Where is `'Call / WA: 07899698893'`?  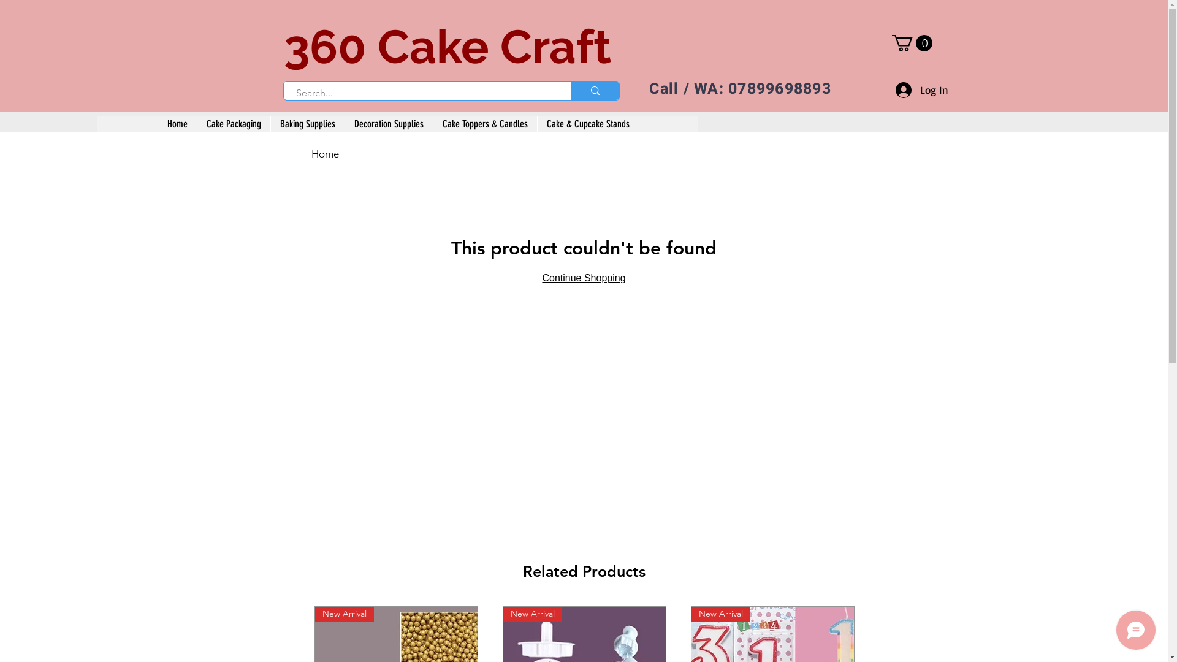
'Call / WA: 07899698893' is located at coordinates (739, 88).